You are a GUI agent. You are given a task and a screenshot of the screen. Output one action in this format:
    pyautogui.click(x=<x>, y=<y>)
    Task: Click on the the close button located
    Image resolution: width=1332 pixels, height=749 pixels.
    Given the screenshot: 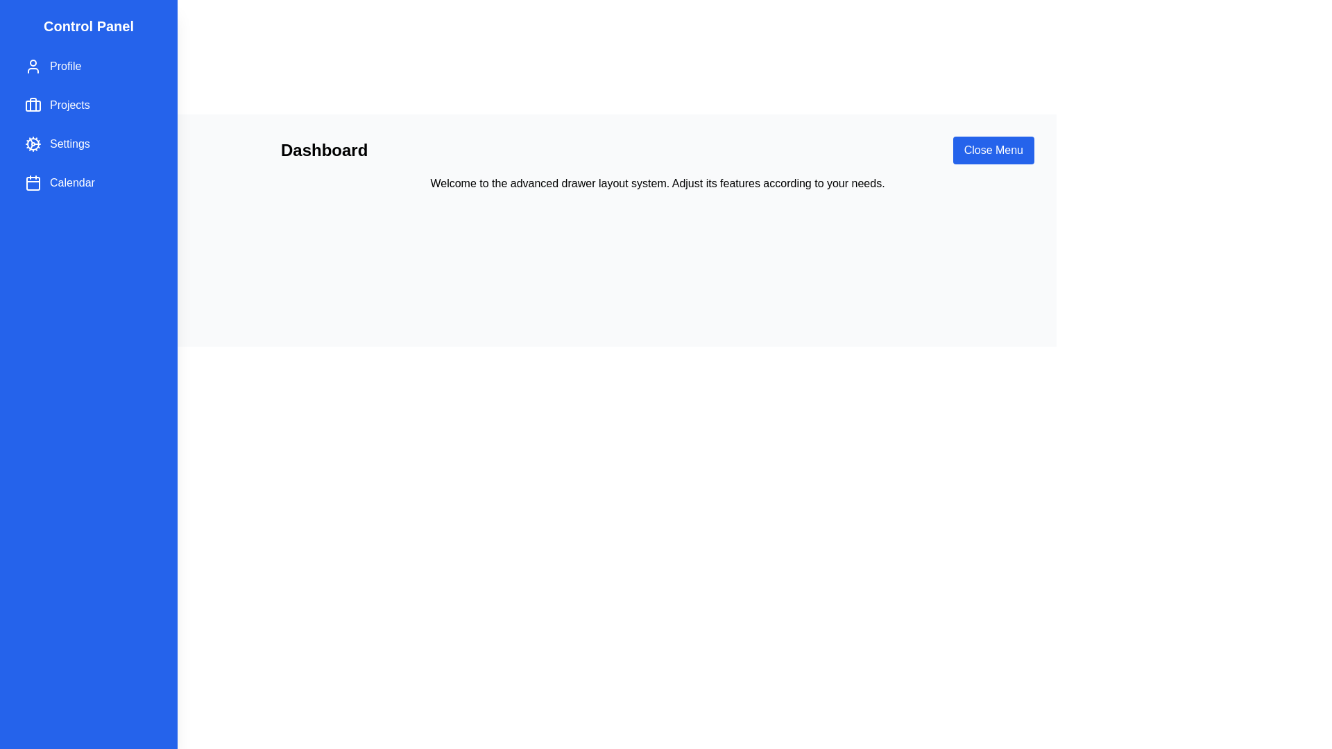 What is the action you would take?
    pyautogui.click(x=993, y=150)
    